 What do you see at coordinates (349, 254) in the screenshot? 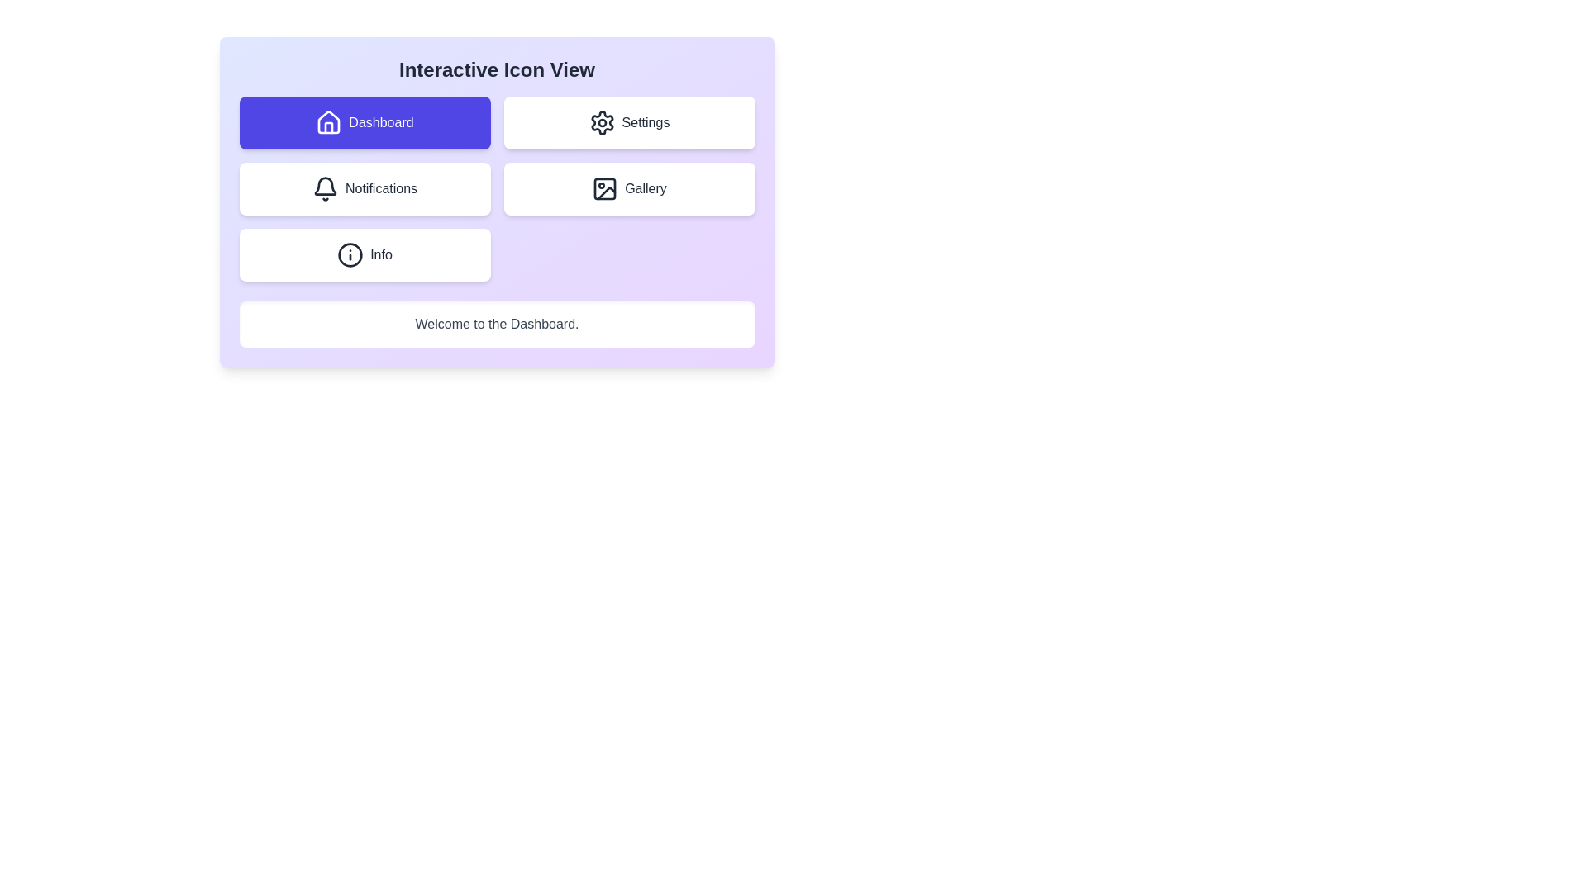
I see `the circular 'Info' icon located immediately to the left of the 'Info' text label in the interactive panel` at bounding box center [349, 254].